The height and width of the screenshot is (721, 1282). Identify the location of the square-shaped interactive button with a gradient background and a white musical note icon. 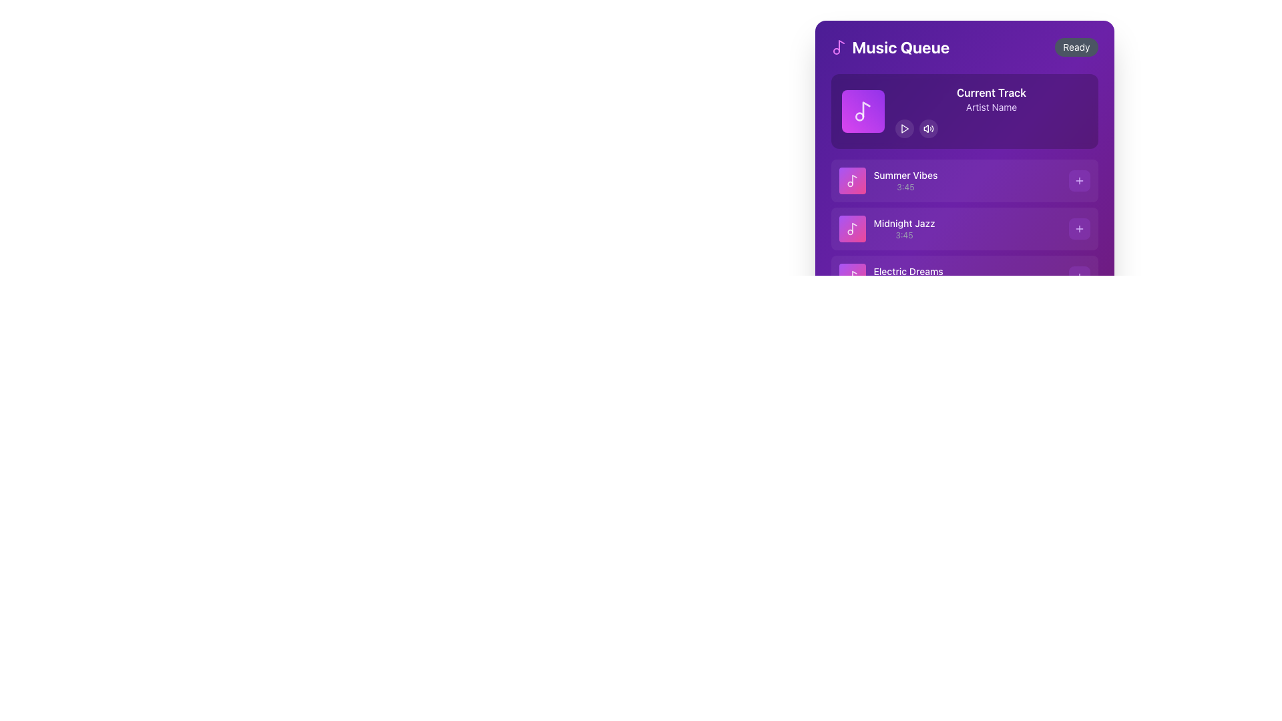
(863, 110).